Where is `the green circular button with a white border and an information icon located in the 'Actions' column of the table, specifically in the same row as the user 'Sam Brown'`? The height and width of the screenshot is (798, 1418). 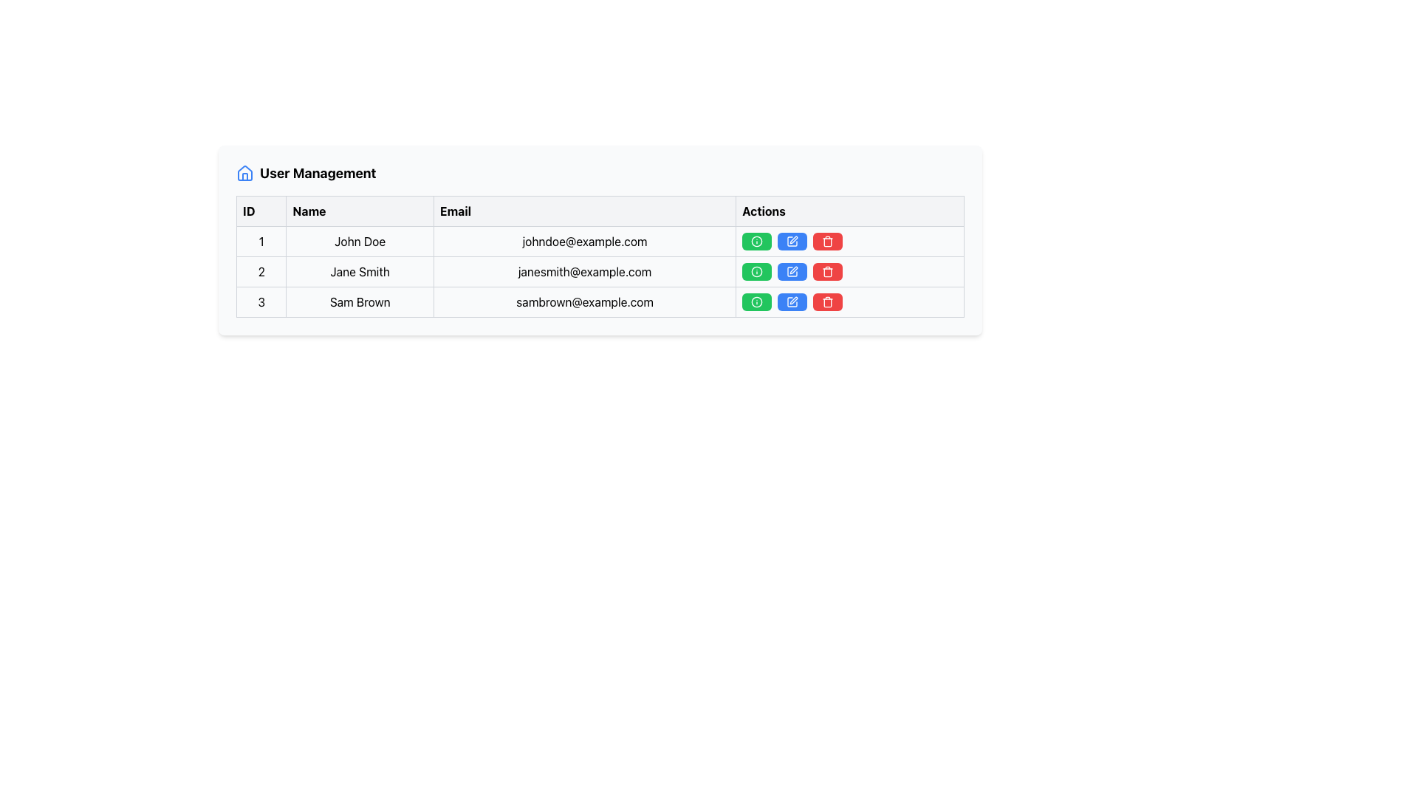
the green circular button with a white border and an information icon located in the 'Actions' column of the table, specifically in the same row as the user 'Sam Brown' is located at coordinates (757, 301).